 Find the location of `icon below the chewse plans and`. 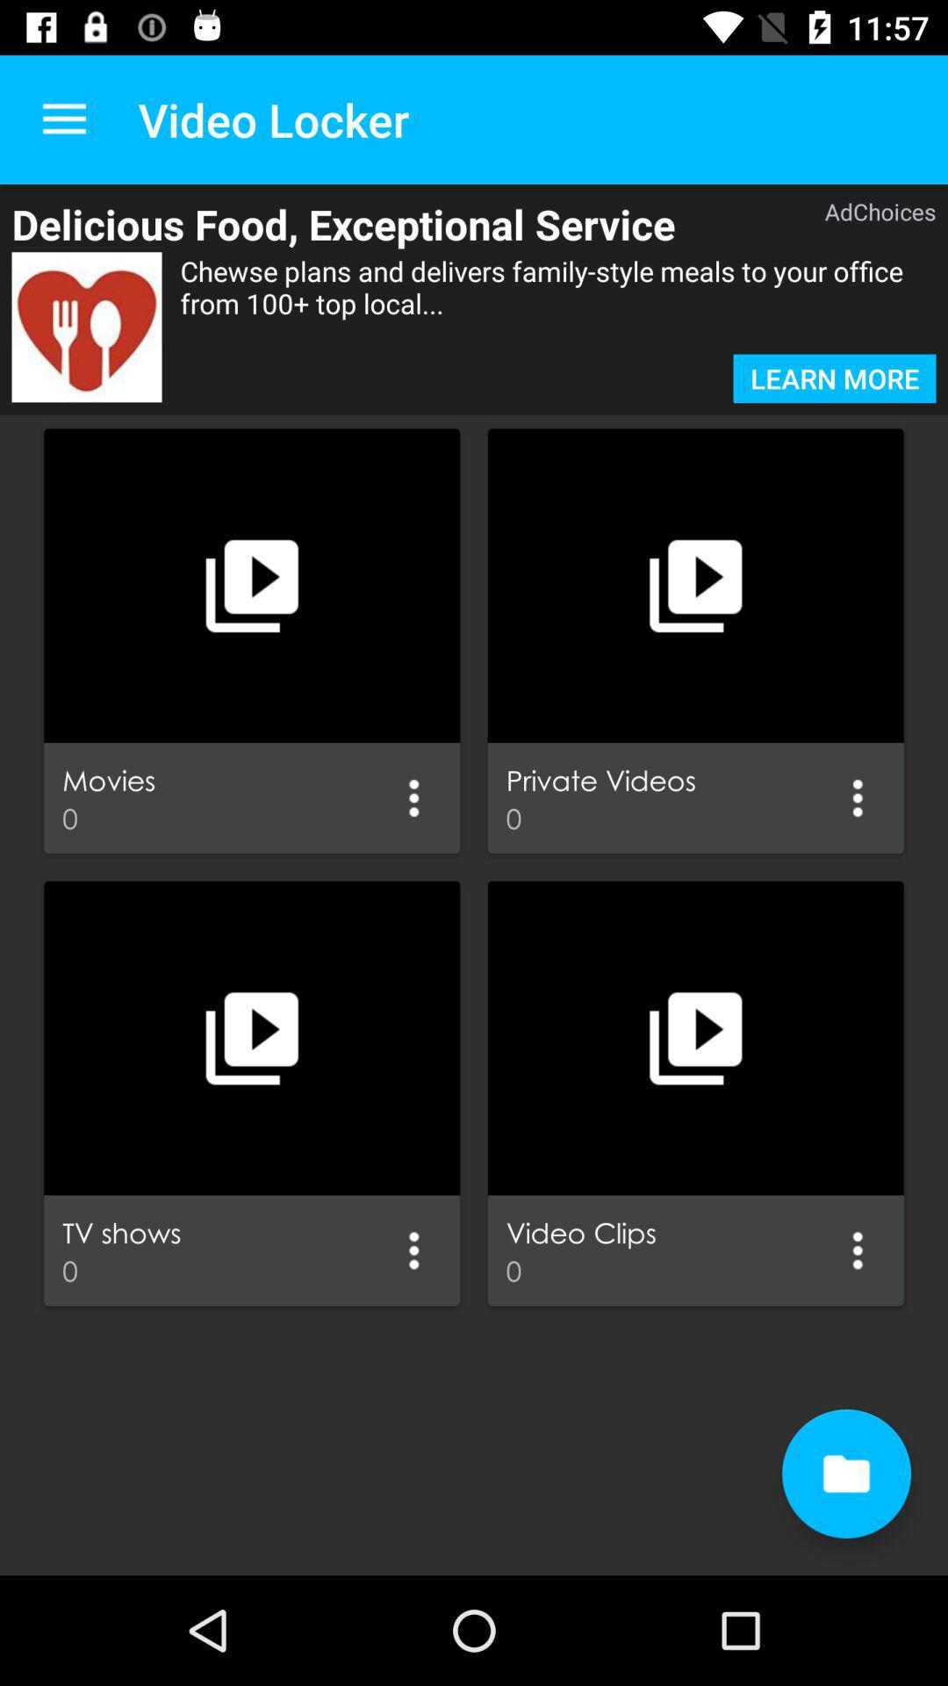

icon below the chewse plans and is located at coordinates (834, 378).